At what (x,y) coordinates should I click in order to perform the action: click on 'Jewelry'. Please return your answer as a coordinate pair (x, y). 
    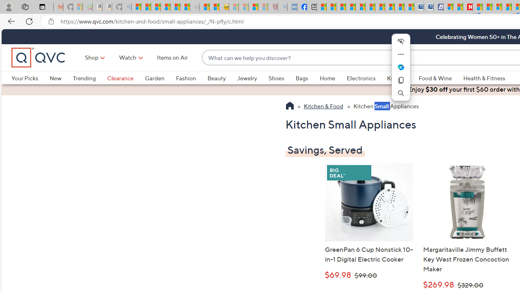
    Looking at the image, I should click on (252, 78).